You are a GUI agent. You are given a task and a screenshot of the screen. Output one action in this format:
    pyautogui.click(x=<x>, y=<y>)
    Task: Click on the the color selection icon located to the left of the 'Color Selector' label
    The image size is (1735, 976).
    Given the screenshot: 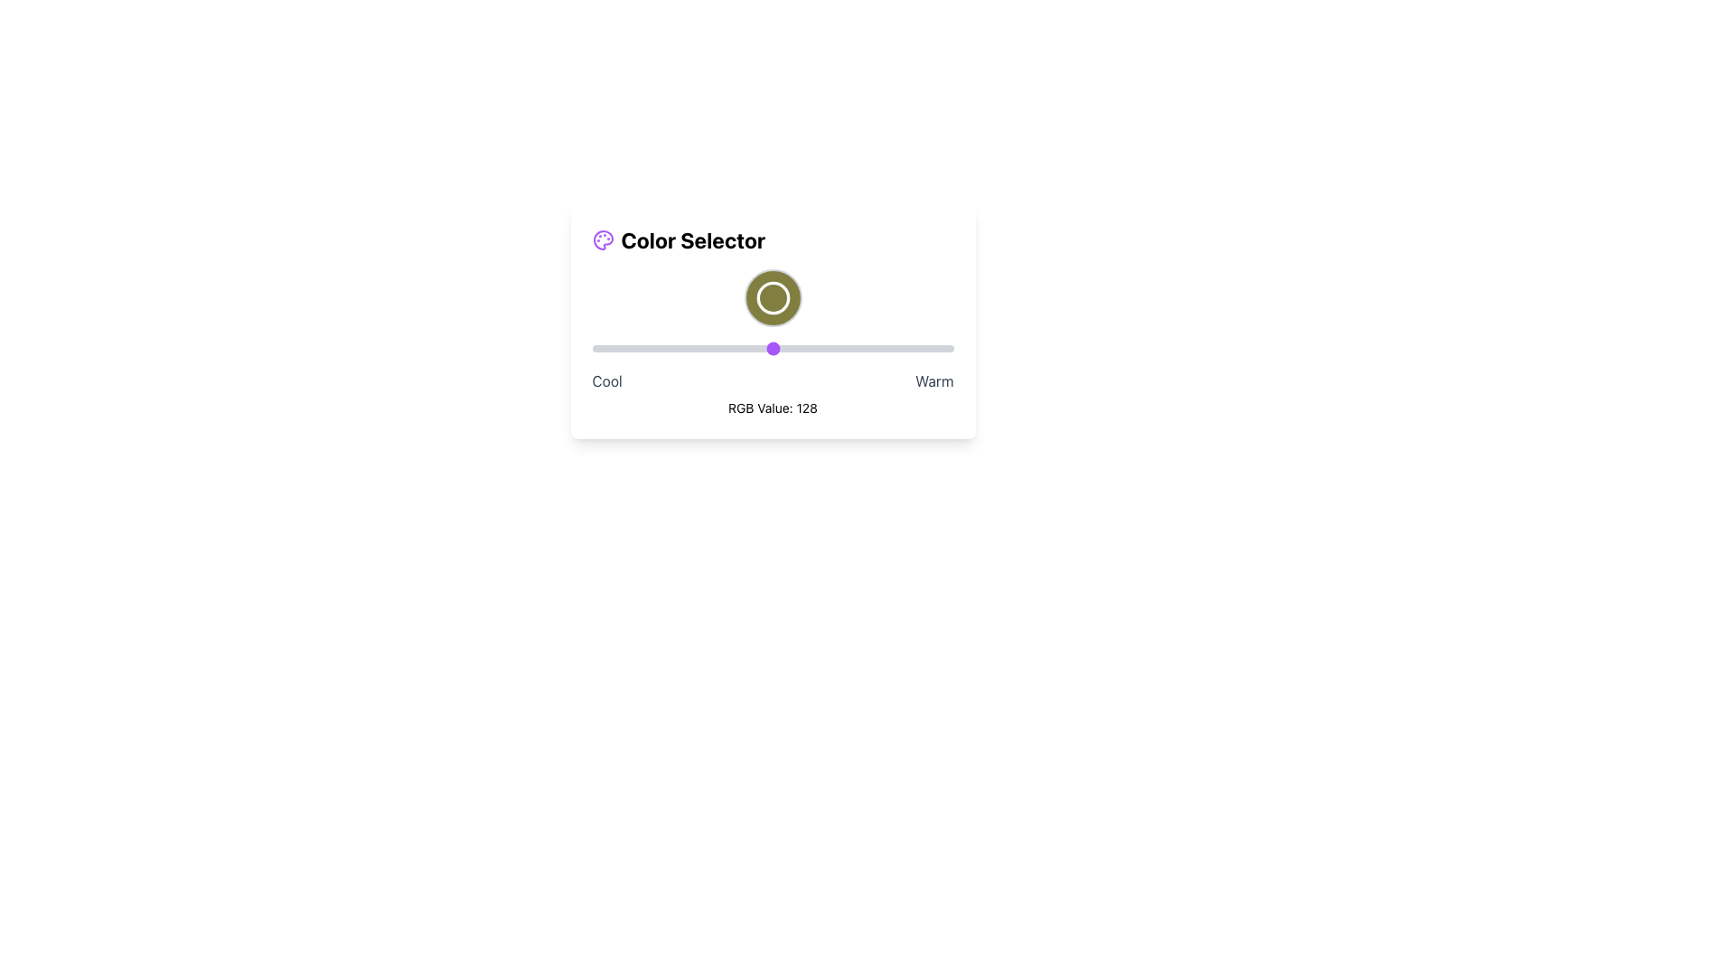 What is the action you would take?
    pyautogui.click(x=603, y=239)
    